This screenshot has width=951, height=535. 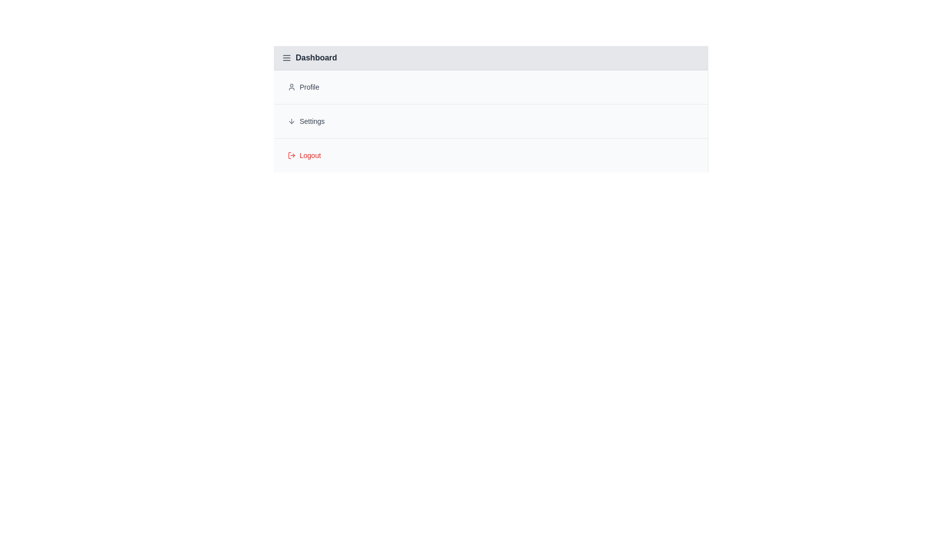 What do you see at coordinates (490, 87) in the screenshot?
I see `the text of the menu item Profile` at bounding box center [490, 87].